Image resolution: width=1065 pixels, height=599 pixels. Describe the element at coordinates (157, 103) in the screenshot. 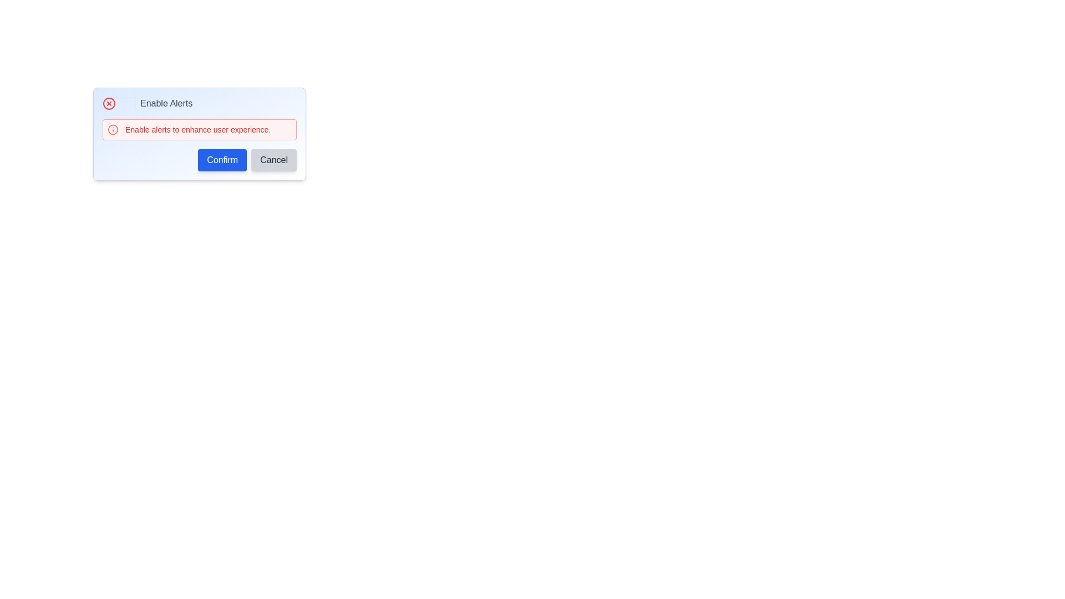

I see `the text label of the checkbox that allows users to enable or disable alerts` at that location.